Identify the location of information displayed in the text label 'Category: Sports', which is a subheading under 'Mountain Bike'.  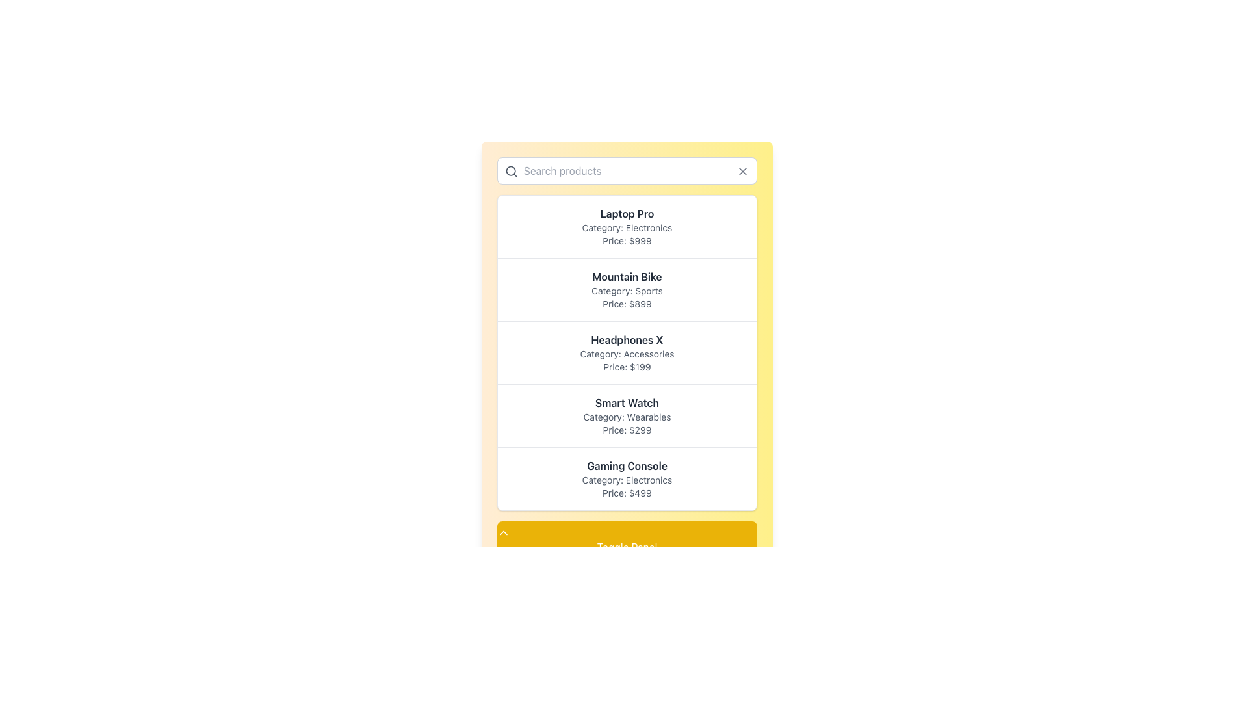
(627, 290).